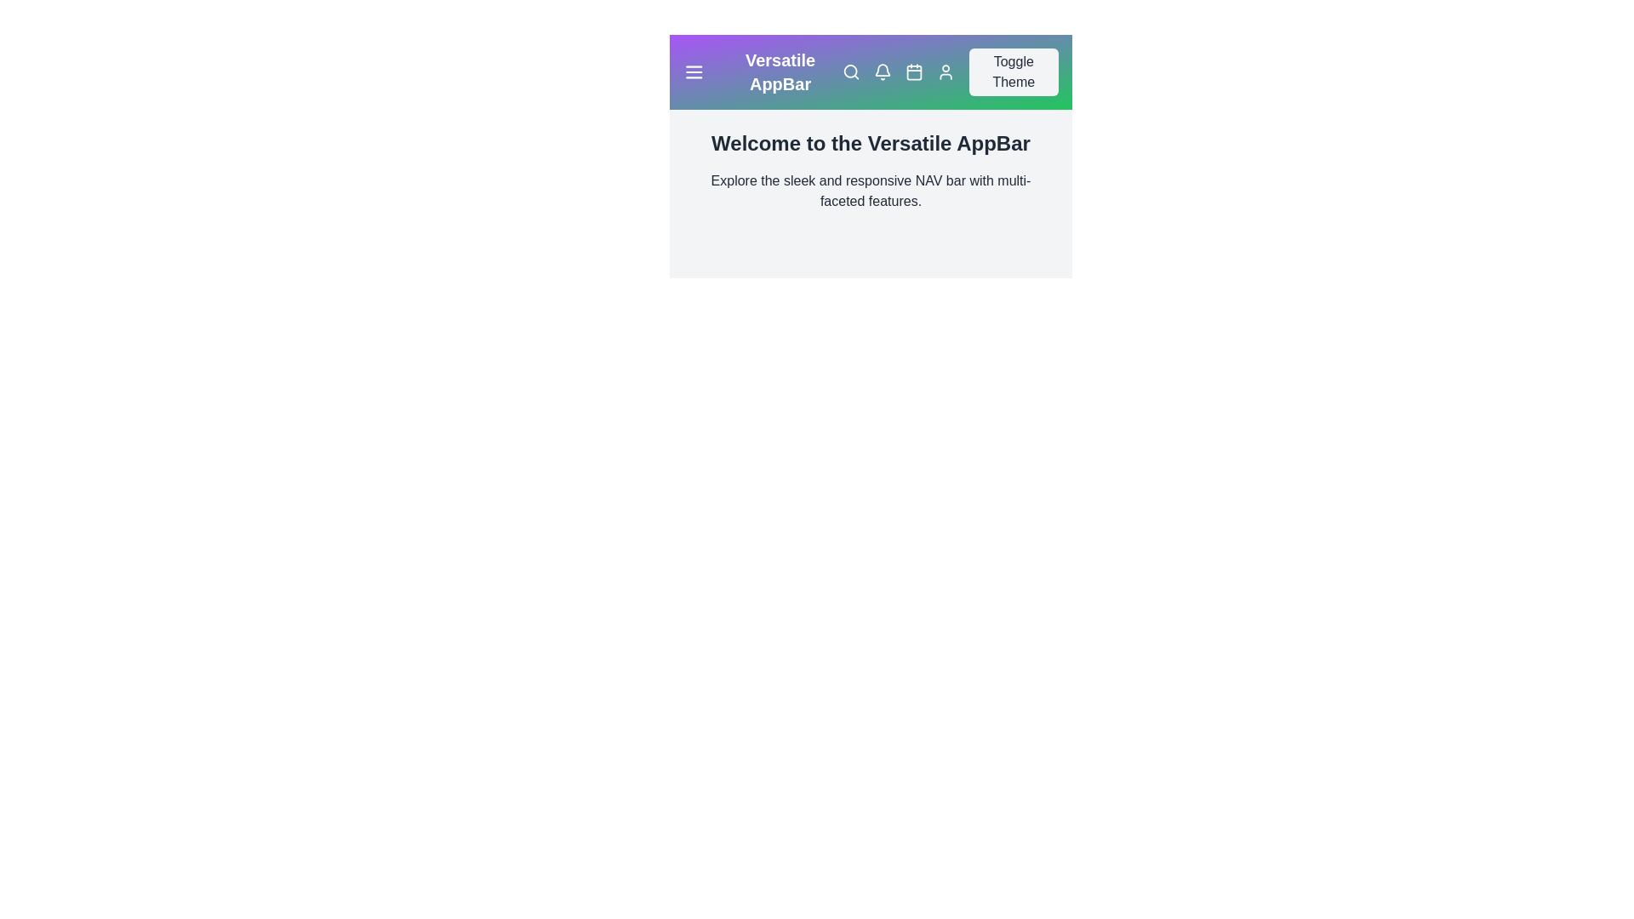 The width and height of the screenshot is (1634, 919). What do you see at coordinates (913, 71) in the screenshot?
I see `the calendar icon to view dates` at bounding box center [913, 71].